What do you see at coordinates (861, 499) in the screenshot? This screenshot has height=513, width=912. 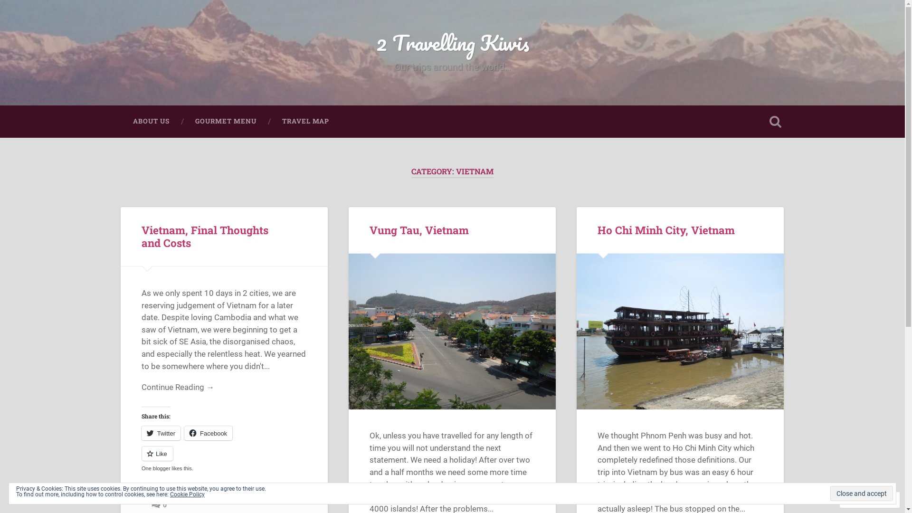 I see `'Follow'` at bounding box center [861, 499].